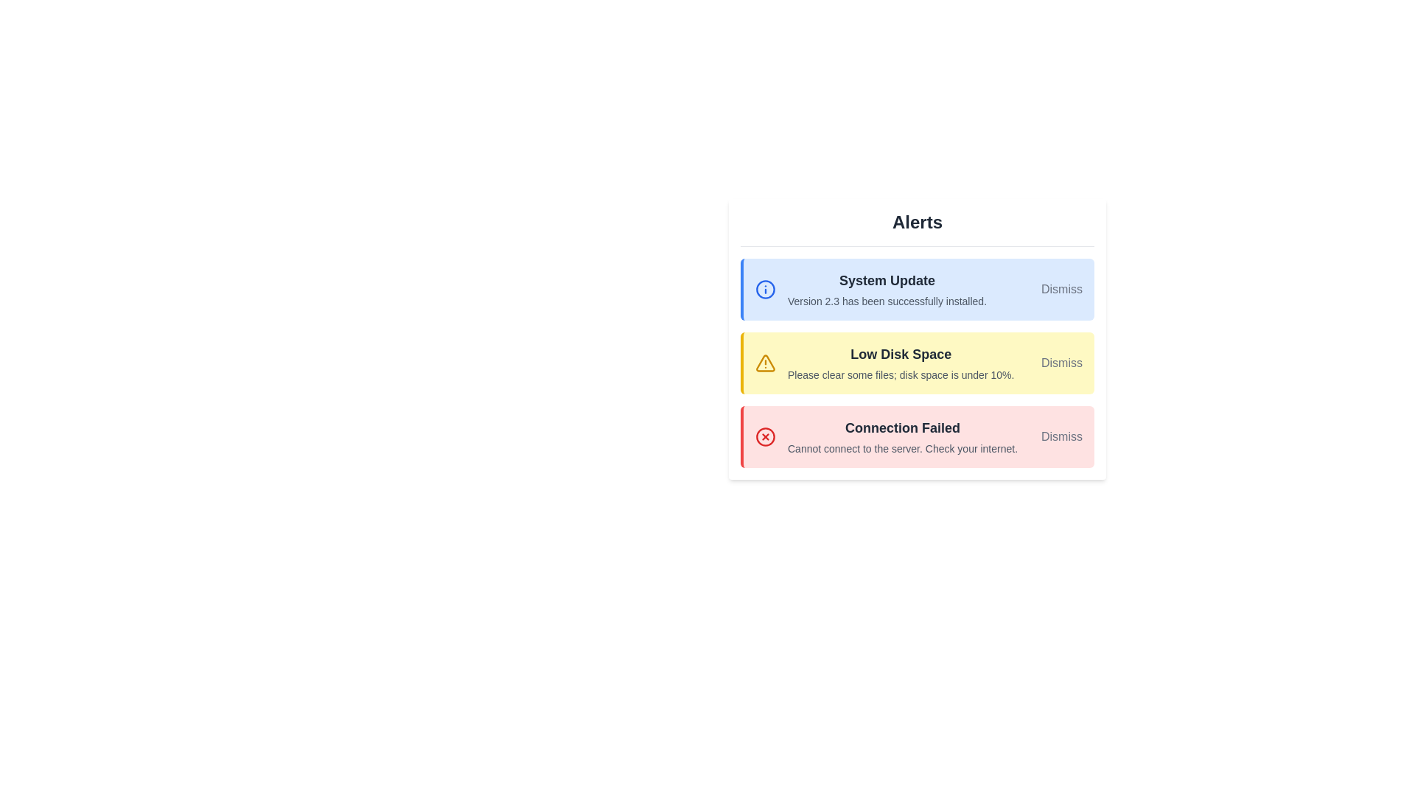 The height and width of the screenshot is (796, 1415). What do you see at coordinates (887, 281) in the screenshot?
I see `text label that displays 'System Update', which is styled in bold, larger size, and dark gray color within a light blue box, positioned at the top of the alert messages` at bounding box center [887, 281].